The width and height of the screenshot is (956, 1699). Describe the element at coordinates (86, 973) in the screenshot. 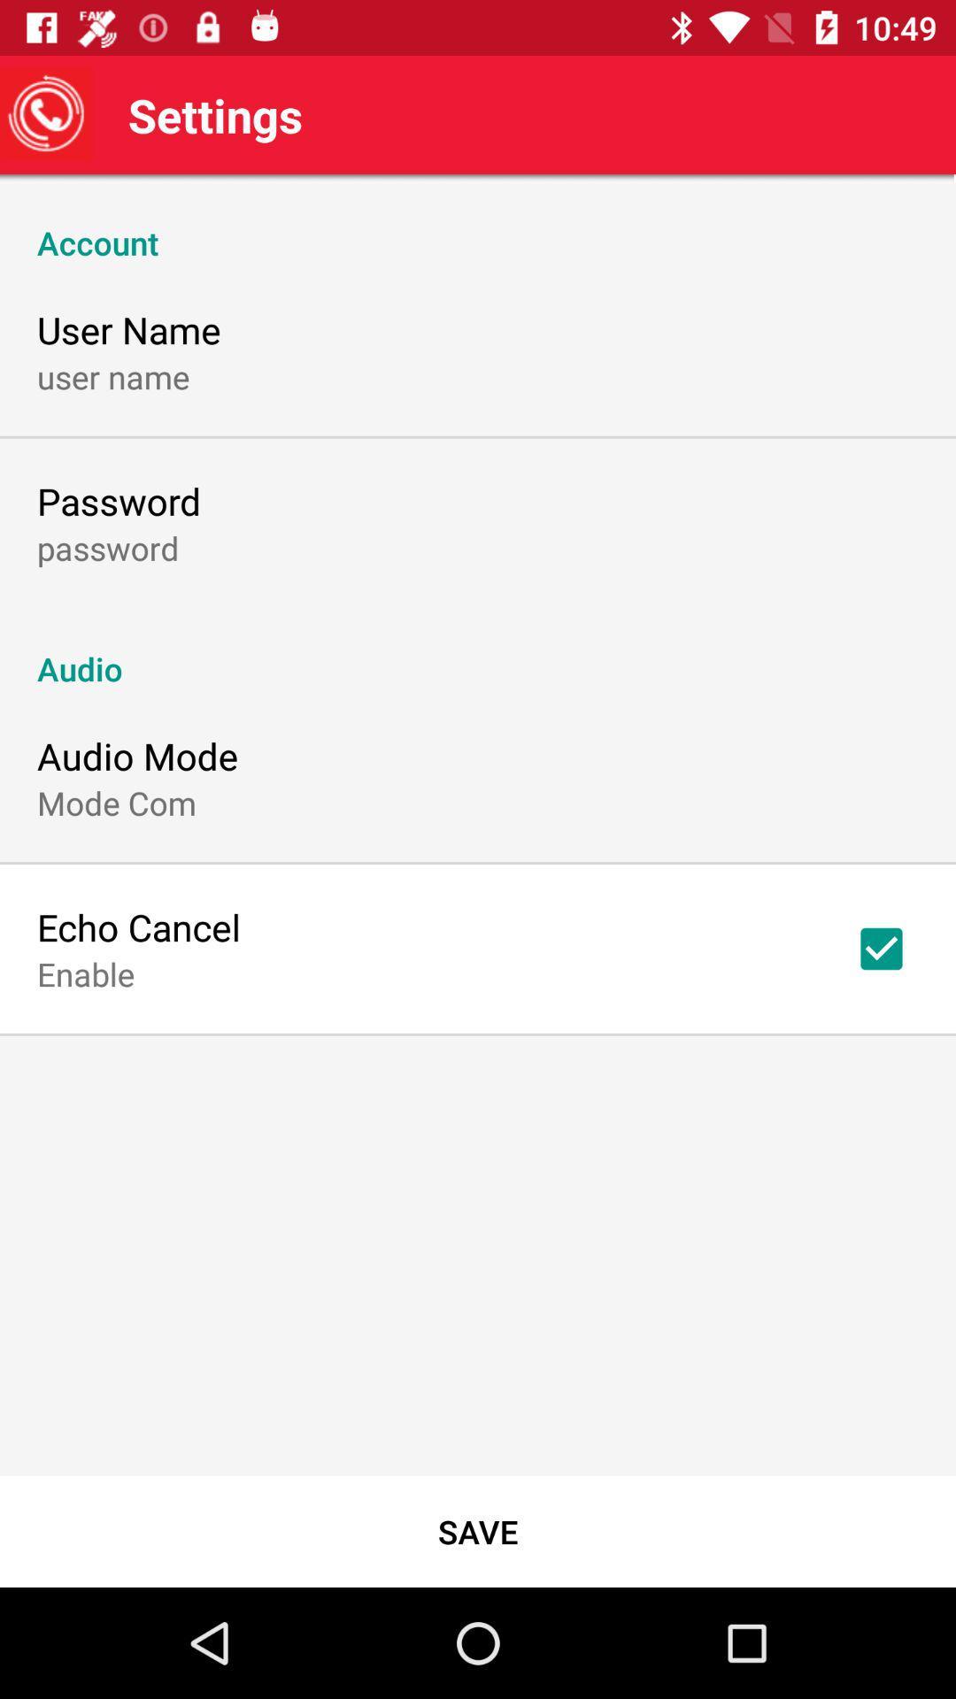

I see `the enable item` at that location.